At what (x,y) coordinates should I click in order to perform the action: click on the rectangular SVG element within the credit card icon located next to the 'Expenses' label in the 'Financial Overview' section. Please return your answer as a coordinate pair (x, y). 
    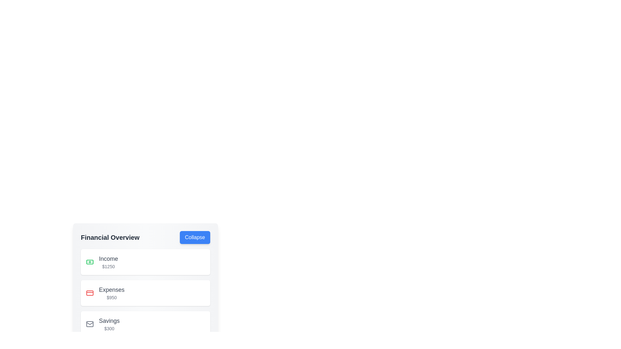
    Looking at the image, I should click on (90, 293).